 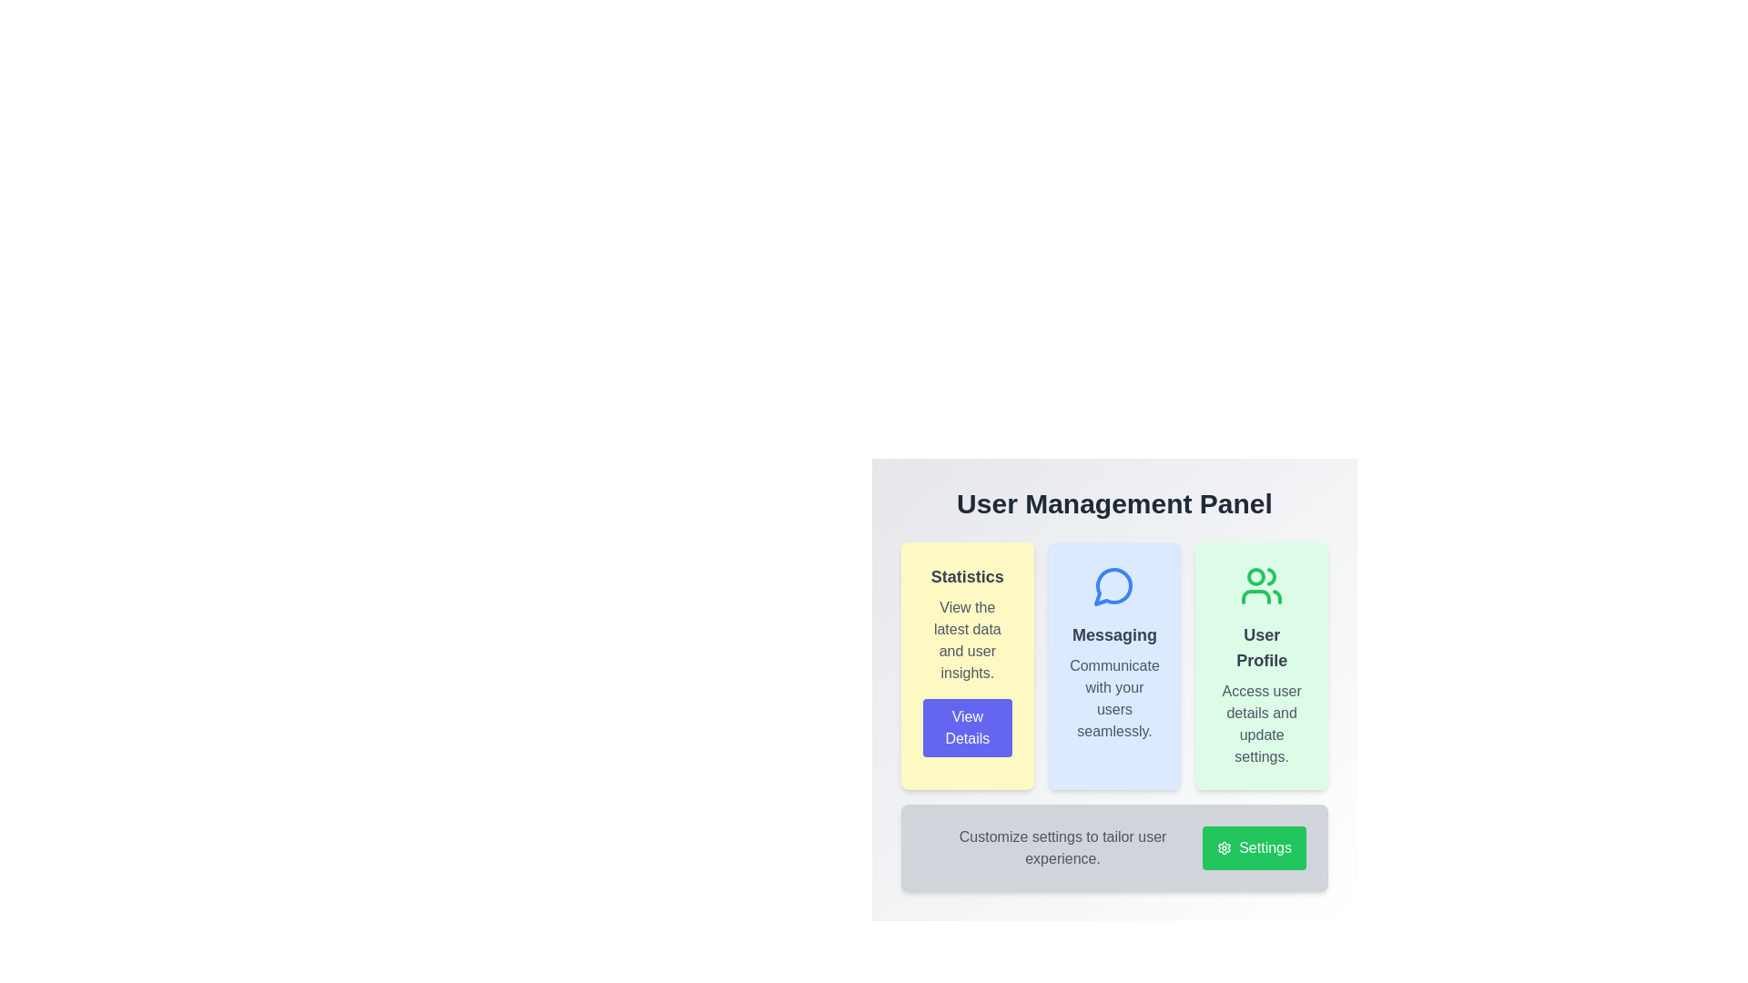 I want to click on the text label that reads 'Communicate with your users seamlessly.' located beneath the 'Messaging' heading within the 'Messaging' card, so click(x=1113, y=697).